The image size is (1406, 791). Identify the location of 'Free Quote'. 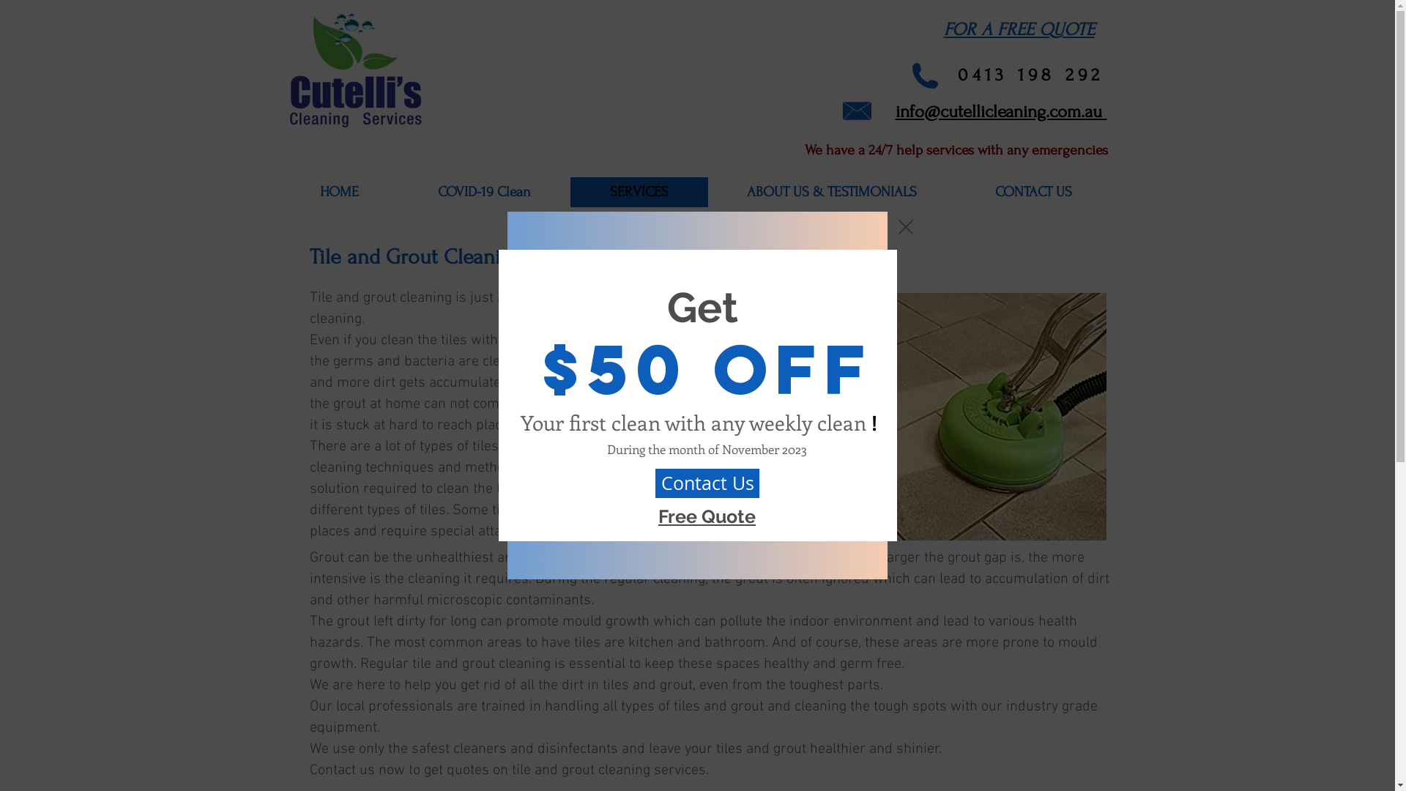
(707, 515).